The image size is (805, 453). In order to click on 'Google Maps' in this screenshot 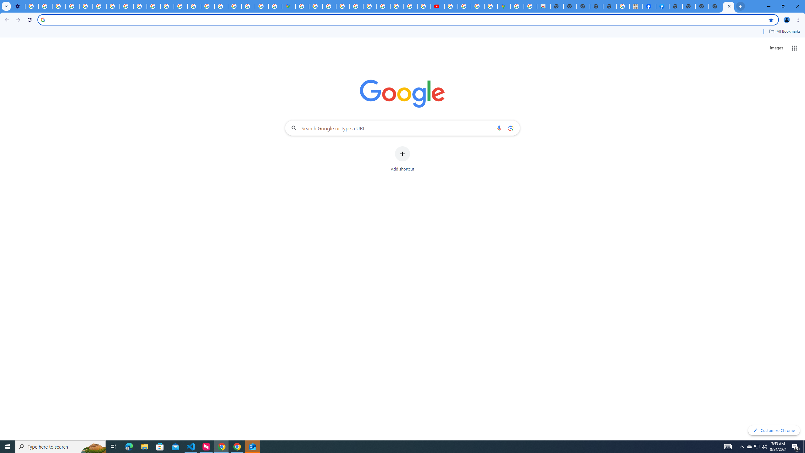, I will do `click(504, 6)`.